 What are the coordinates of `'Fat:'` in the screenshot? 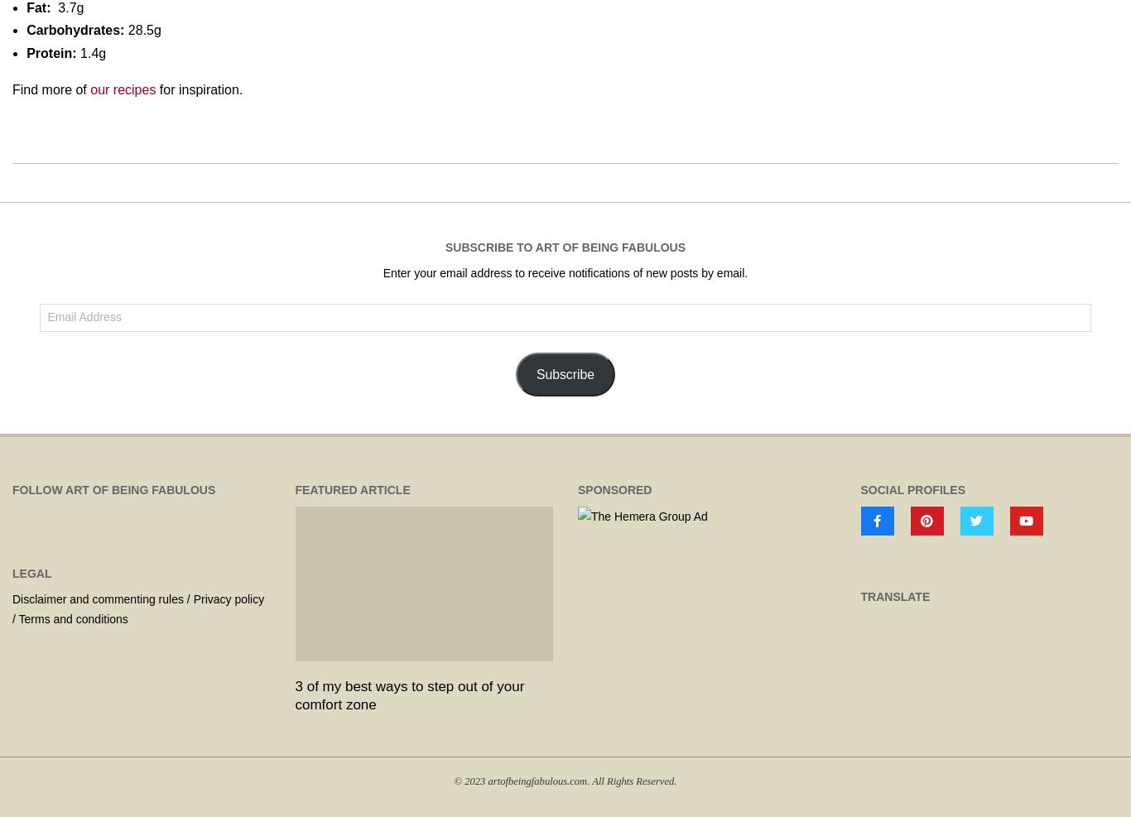 It's located at (40, 6).